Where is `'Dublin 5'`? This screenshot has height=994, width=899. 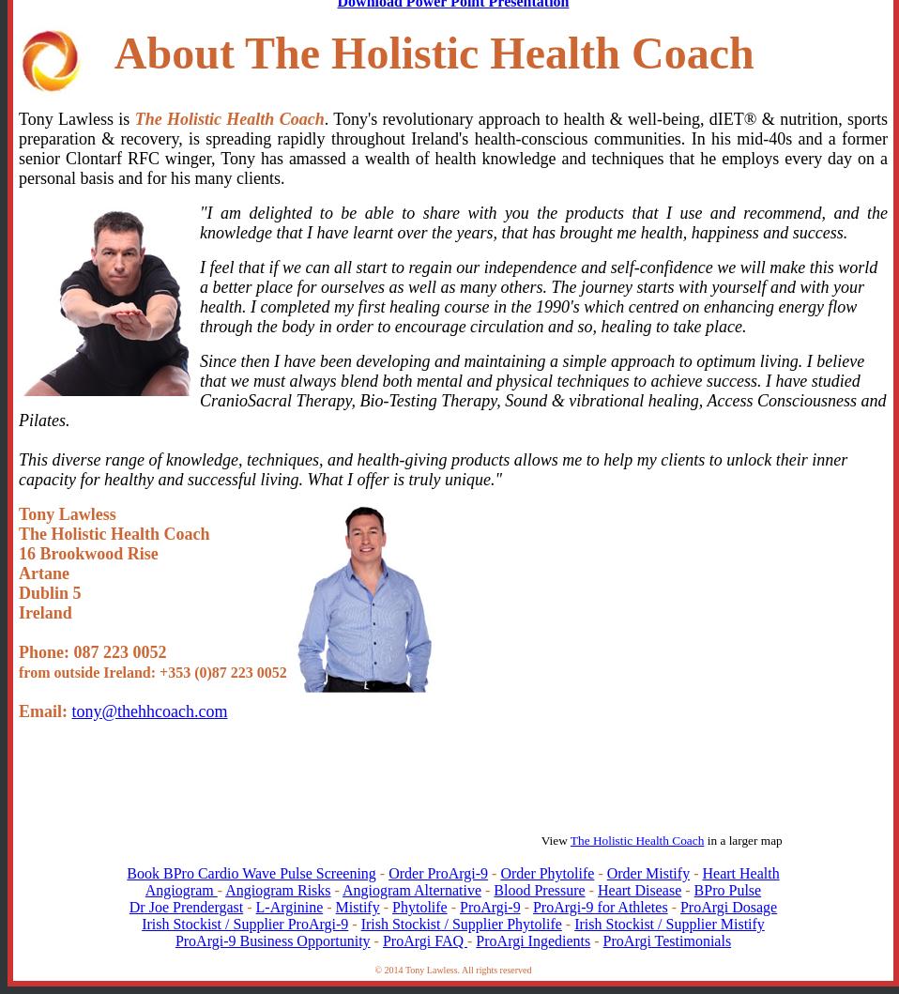
'Dublin 5' is located at coordinates (48, 590).